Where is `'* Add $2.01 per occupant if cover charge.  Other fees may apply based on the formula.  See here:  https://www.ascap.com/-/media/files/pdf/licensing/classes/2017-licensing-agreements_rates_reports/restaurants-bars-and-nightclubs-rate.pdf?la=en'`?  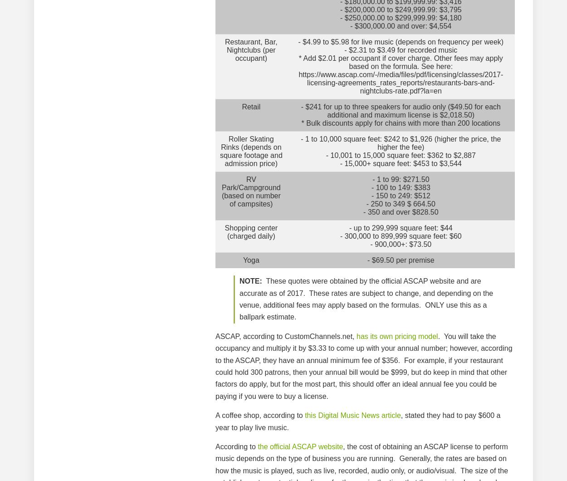
'* Add $2.01 per occupant if cover charge.  Other fees may apply based on the formula.  See here:  https://www.ascap.com/-/media/files/pdf/licensing/classes/2017-licensing-agreements_rates_reports/restaurants-bars-and-nightclubs-rate.pdf?la=en' is located at coordinates (401, 74).